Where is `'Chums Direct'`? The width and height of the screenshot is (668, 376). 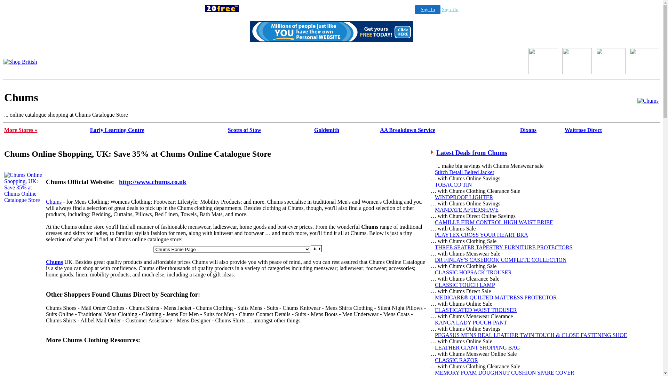 'Chums Direct' is located at coordinates (331, 61).